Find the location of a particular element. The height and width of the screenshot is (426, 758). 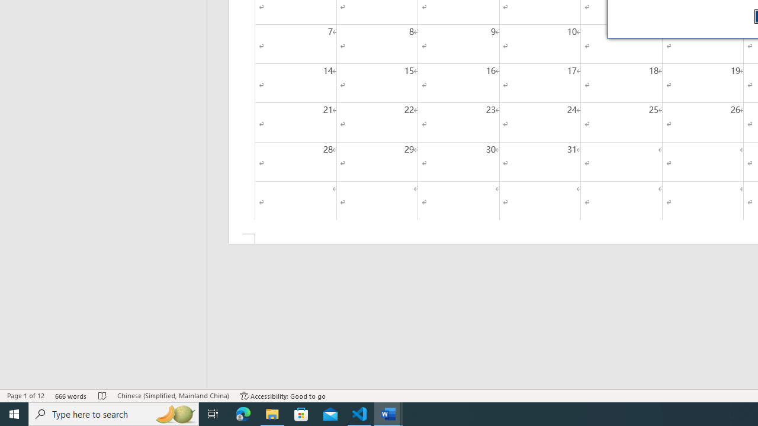

'Microsoft Store' is located at coordinates (301, 413).